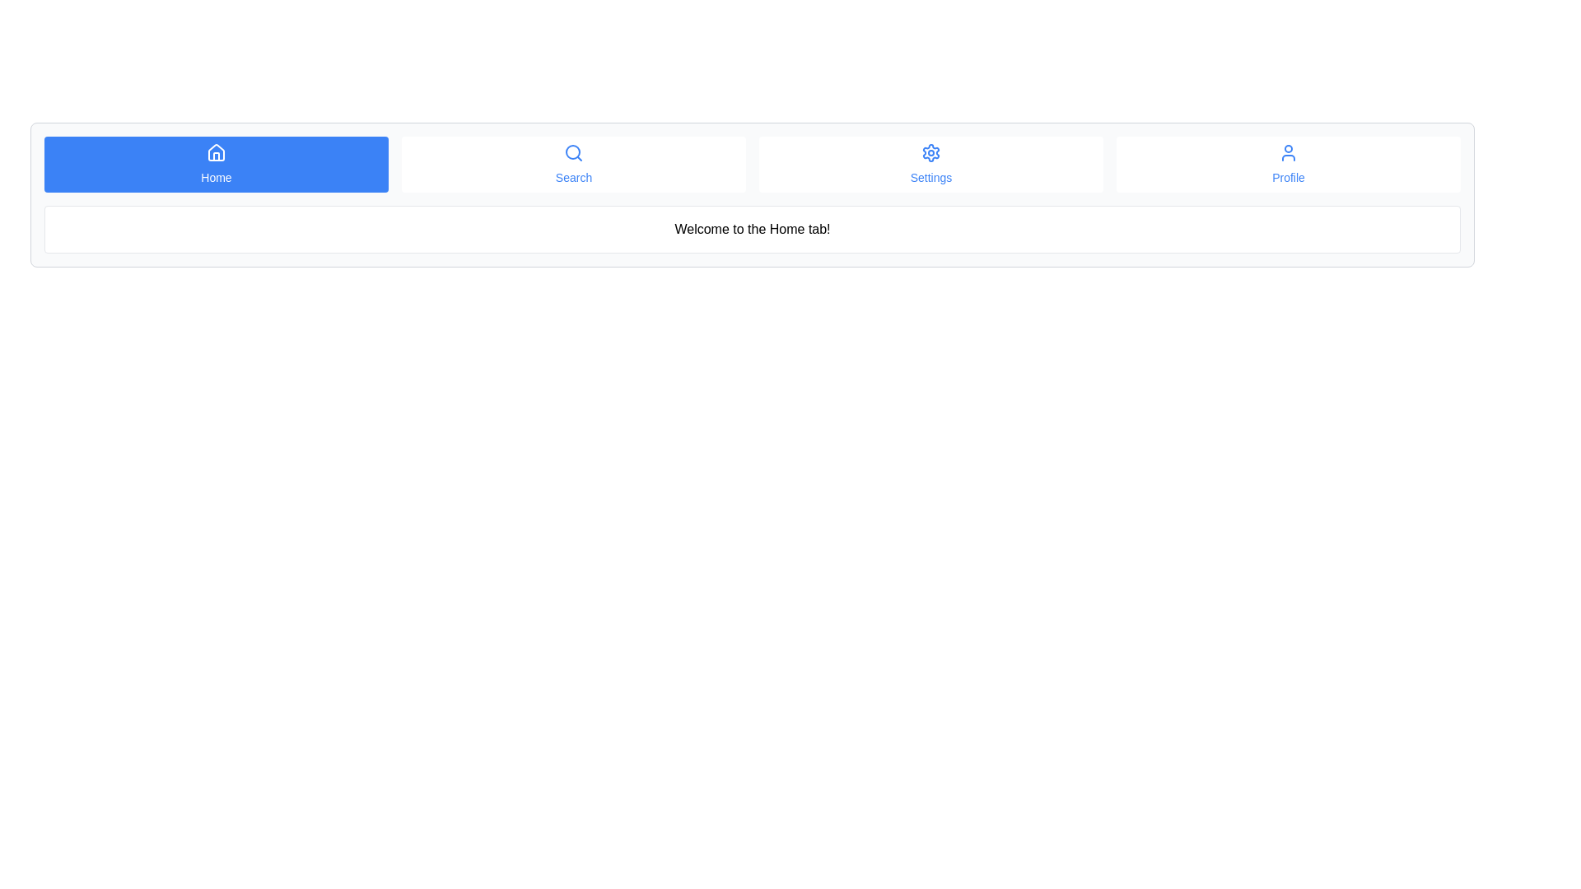 This screenshot has height=889, width=1581. What do you see at coordinates (1287, 178) in the screenshot?
I see `text of the Label located beneath the user-profile icon in the navigation bar, which indicates it leads to the Profile section` at bounding box center [1287, 178].